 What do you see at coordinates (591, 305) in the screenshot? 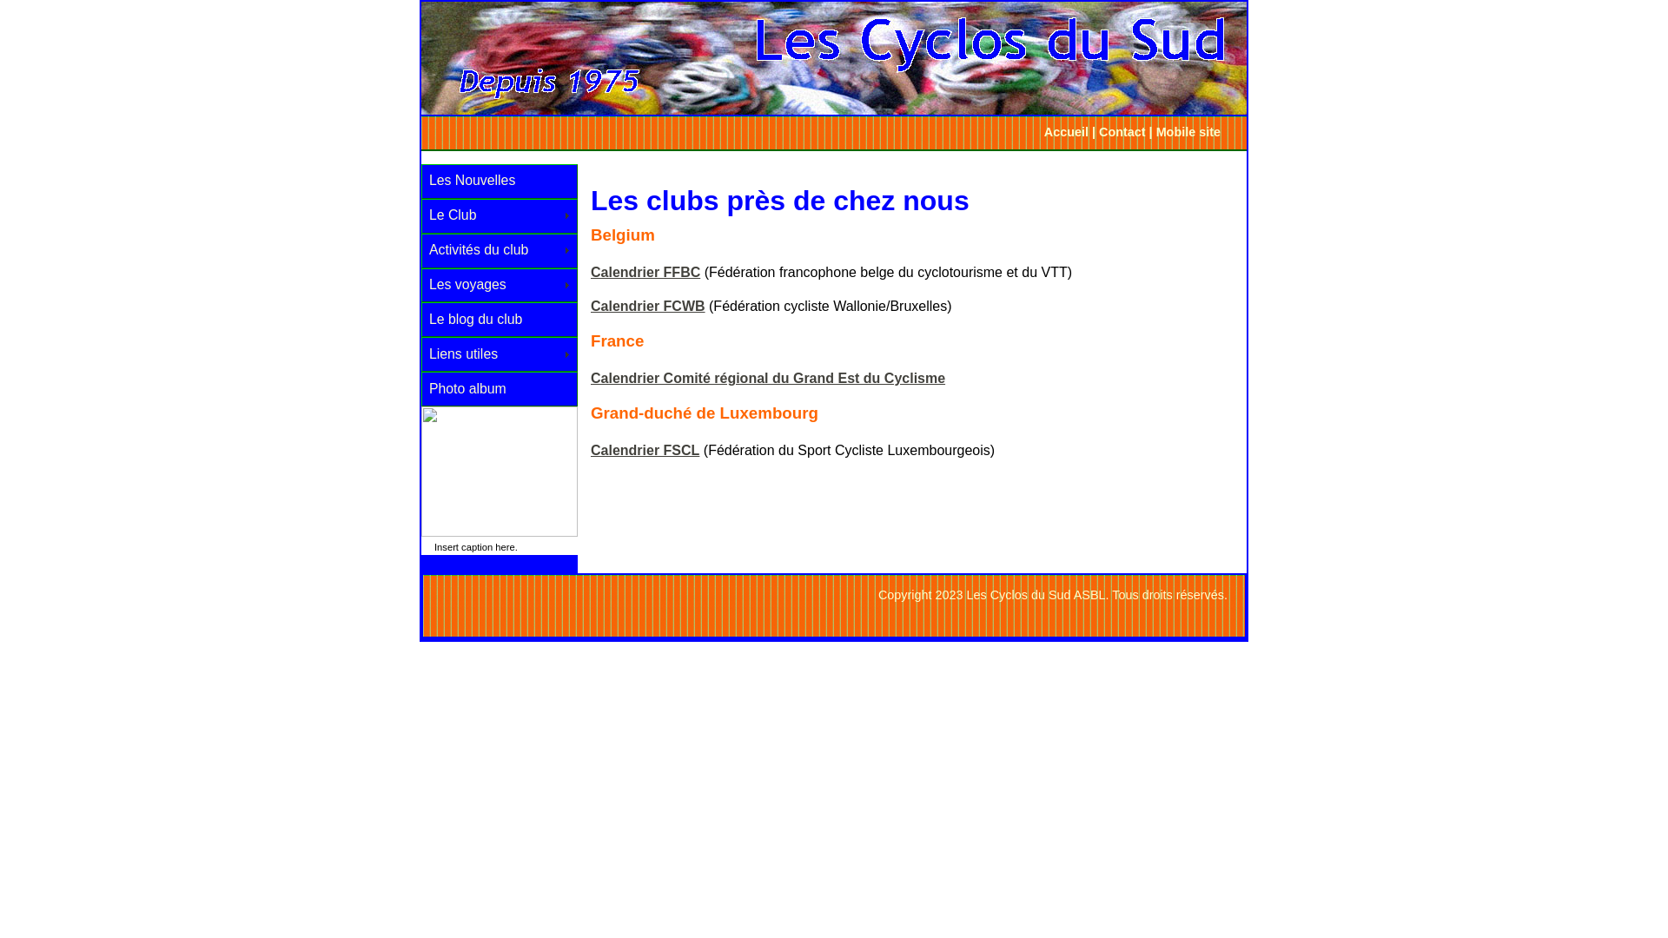
I see `'Calendrier FCWB'` at bounding box center [591, 305].